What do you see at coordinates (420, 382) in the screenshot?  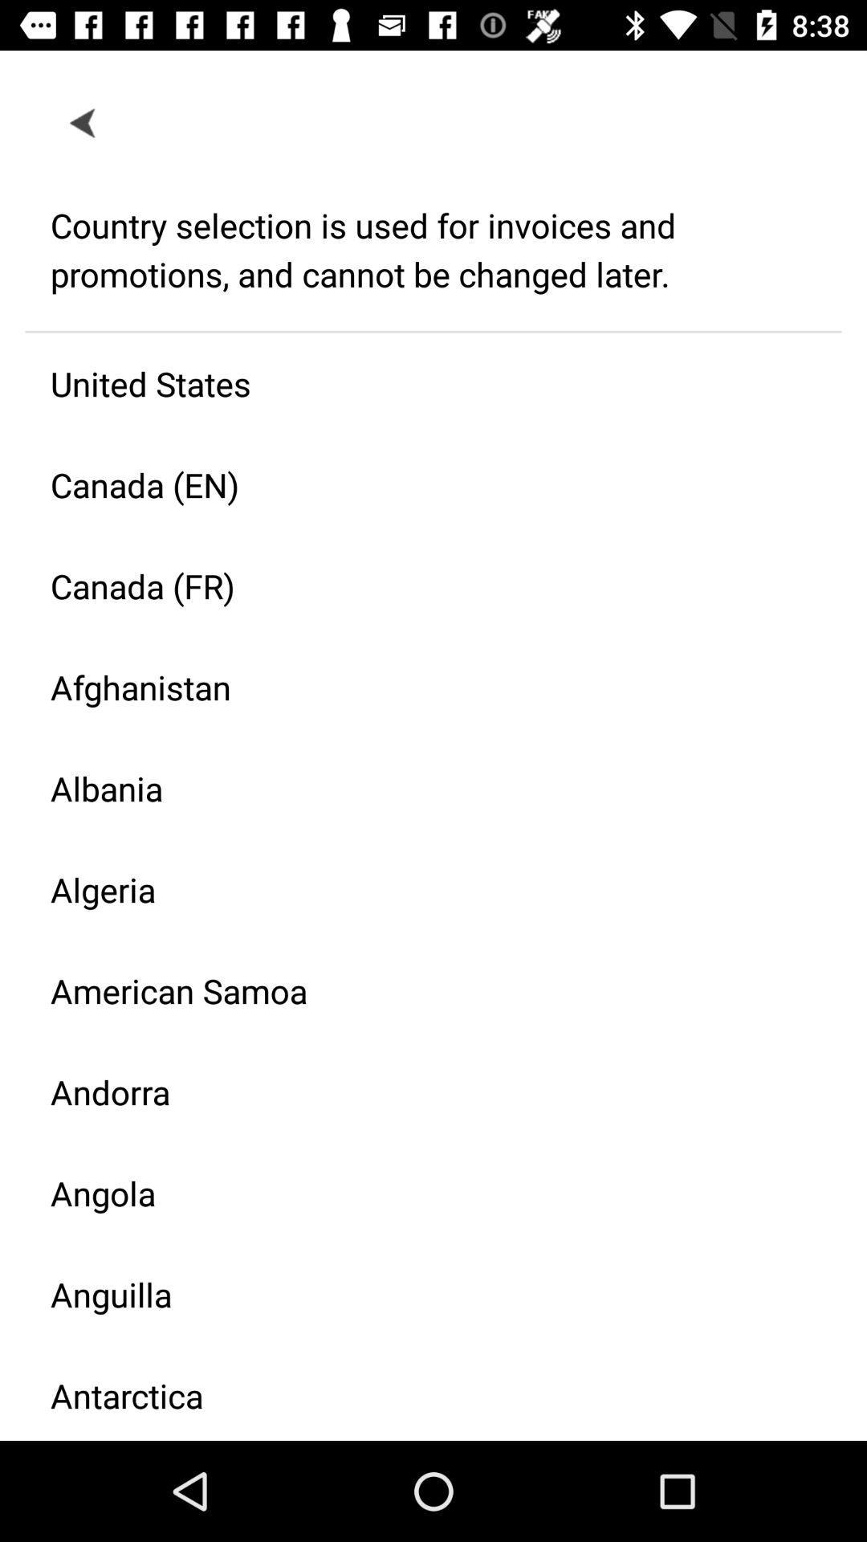 I see `the icon above the canada (en) icon` at bounding box center [420, 382].